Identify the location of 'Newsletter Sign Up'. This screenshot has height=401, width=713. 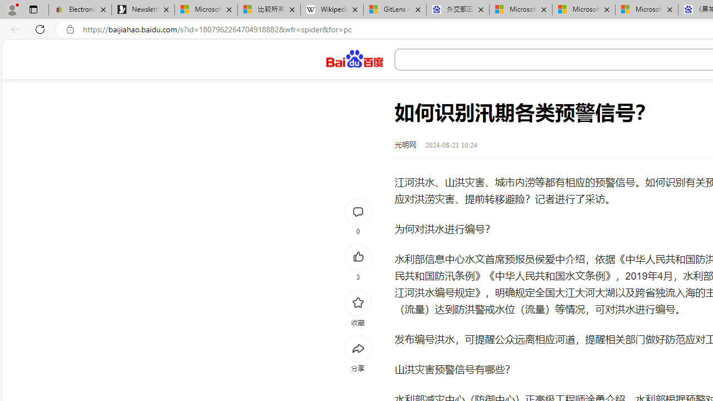
(143, 9).